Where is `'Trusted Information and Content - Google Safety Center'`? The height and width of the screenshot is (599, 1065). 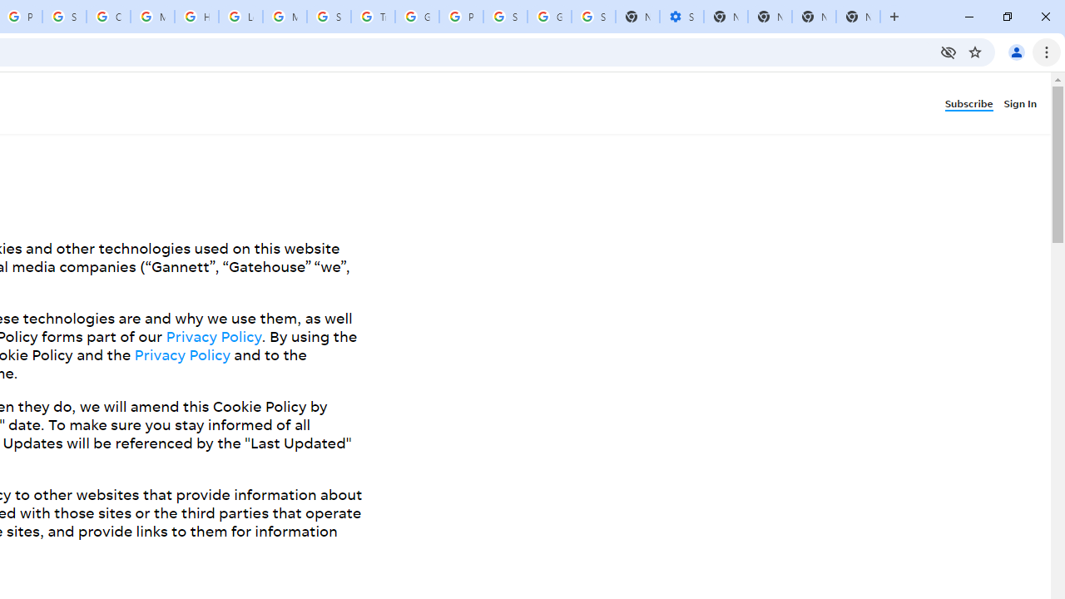
'Trusted Information and Content - Google Safety Center' is located at coordinates (372, 17).